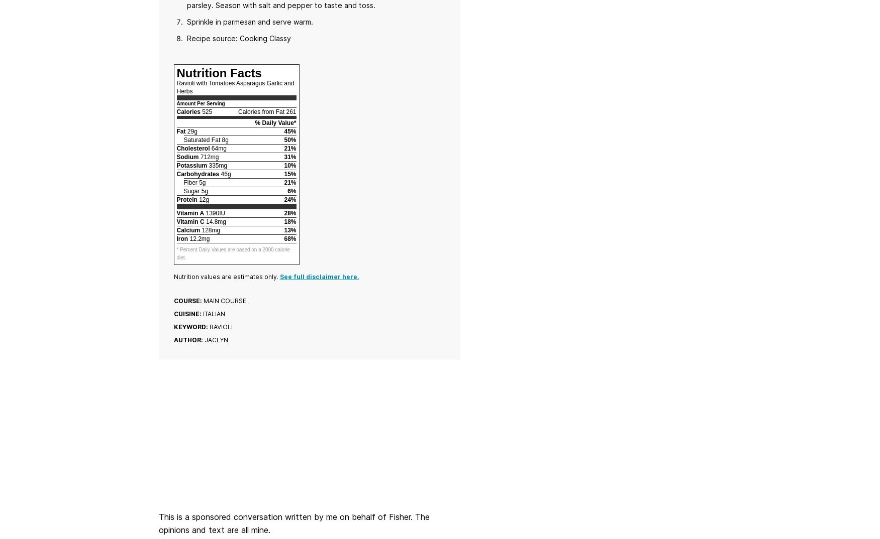 This screenshot has width=880, height=539. I want to click on '525', so click(200, 111).